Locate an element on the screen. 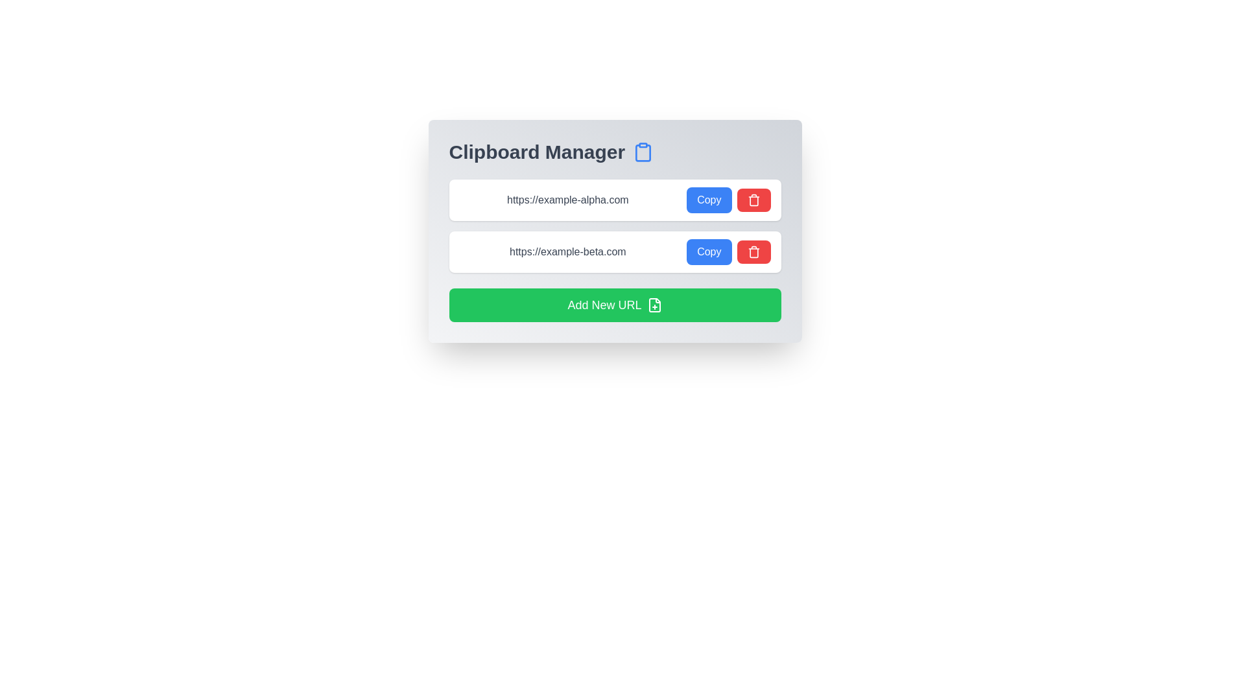  the copy URL button located in the second row of the 'Clipboard Manager' interface, which is to the right of the URL 'https://example-beta.com' is located at coordinates (708, 252).